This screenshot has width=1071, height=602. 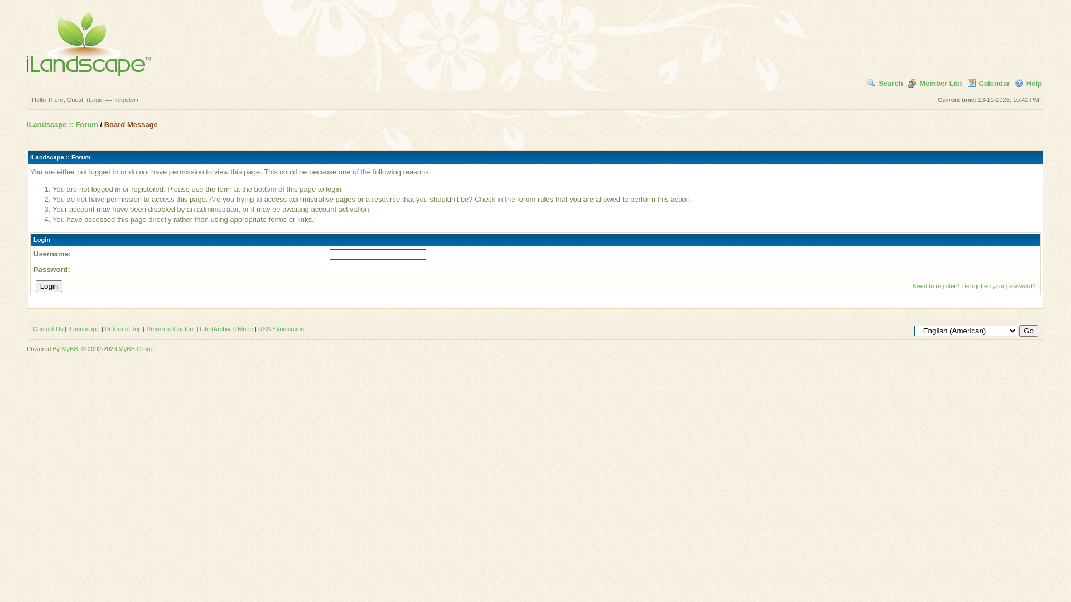 I want to click on 'MyBB Group', so click(x=136, y=348).